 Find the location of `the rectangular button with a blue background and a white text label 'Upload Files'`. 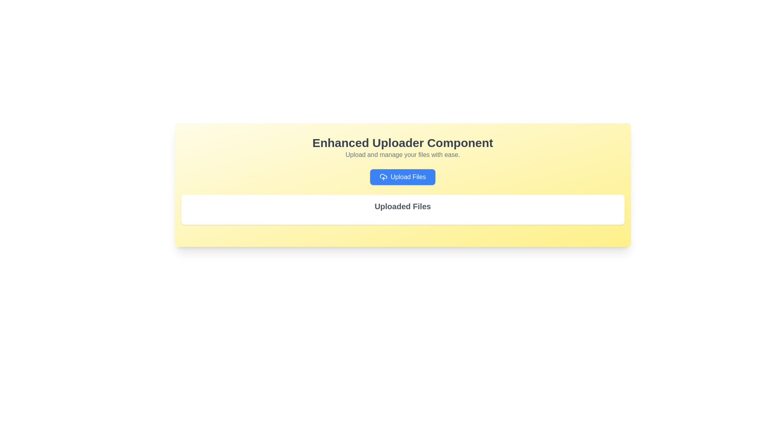

the rectangular button with a blue background and a white text label 'Upload Files' is located at coordinates (403, 177).